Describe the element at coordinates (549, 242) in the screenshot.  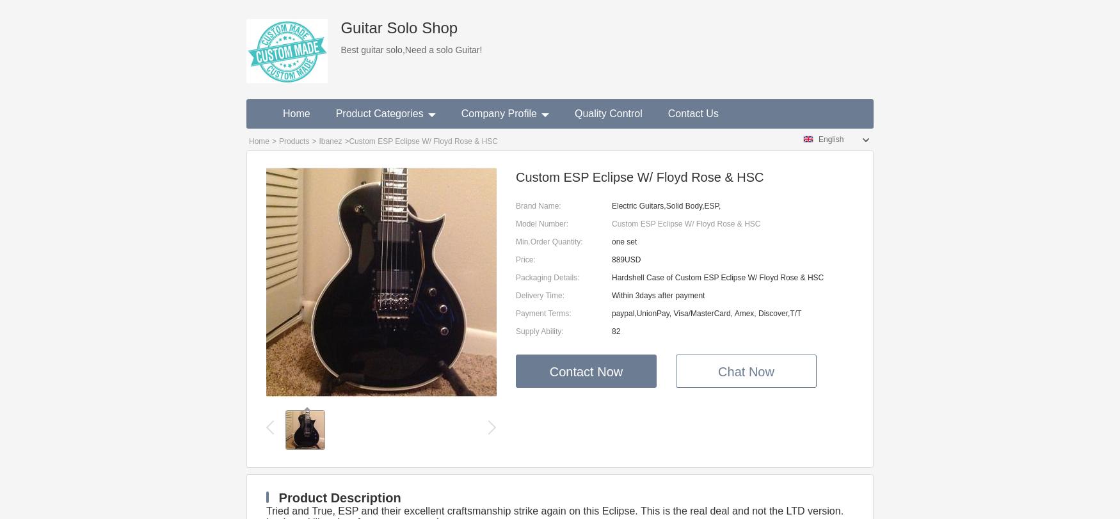
I see `'Min.Order Quantity:'` at that location.